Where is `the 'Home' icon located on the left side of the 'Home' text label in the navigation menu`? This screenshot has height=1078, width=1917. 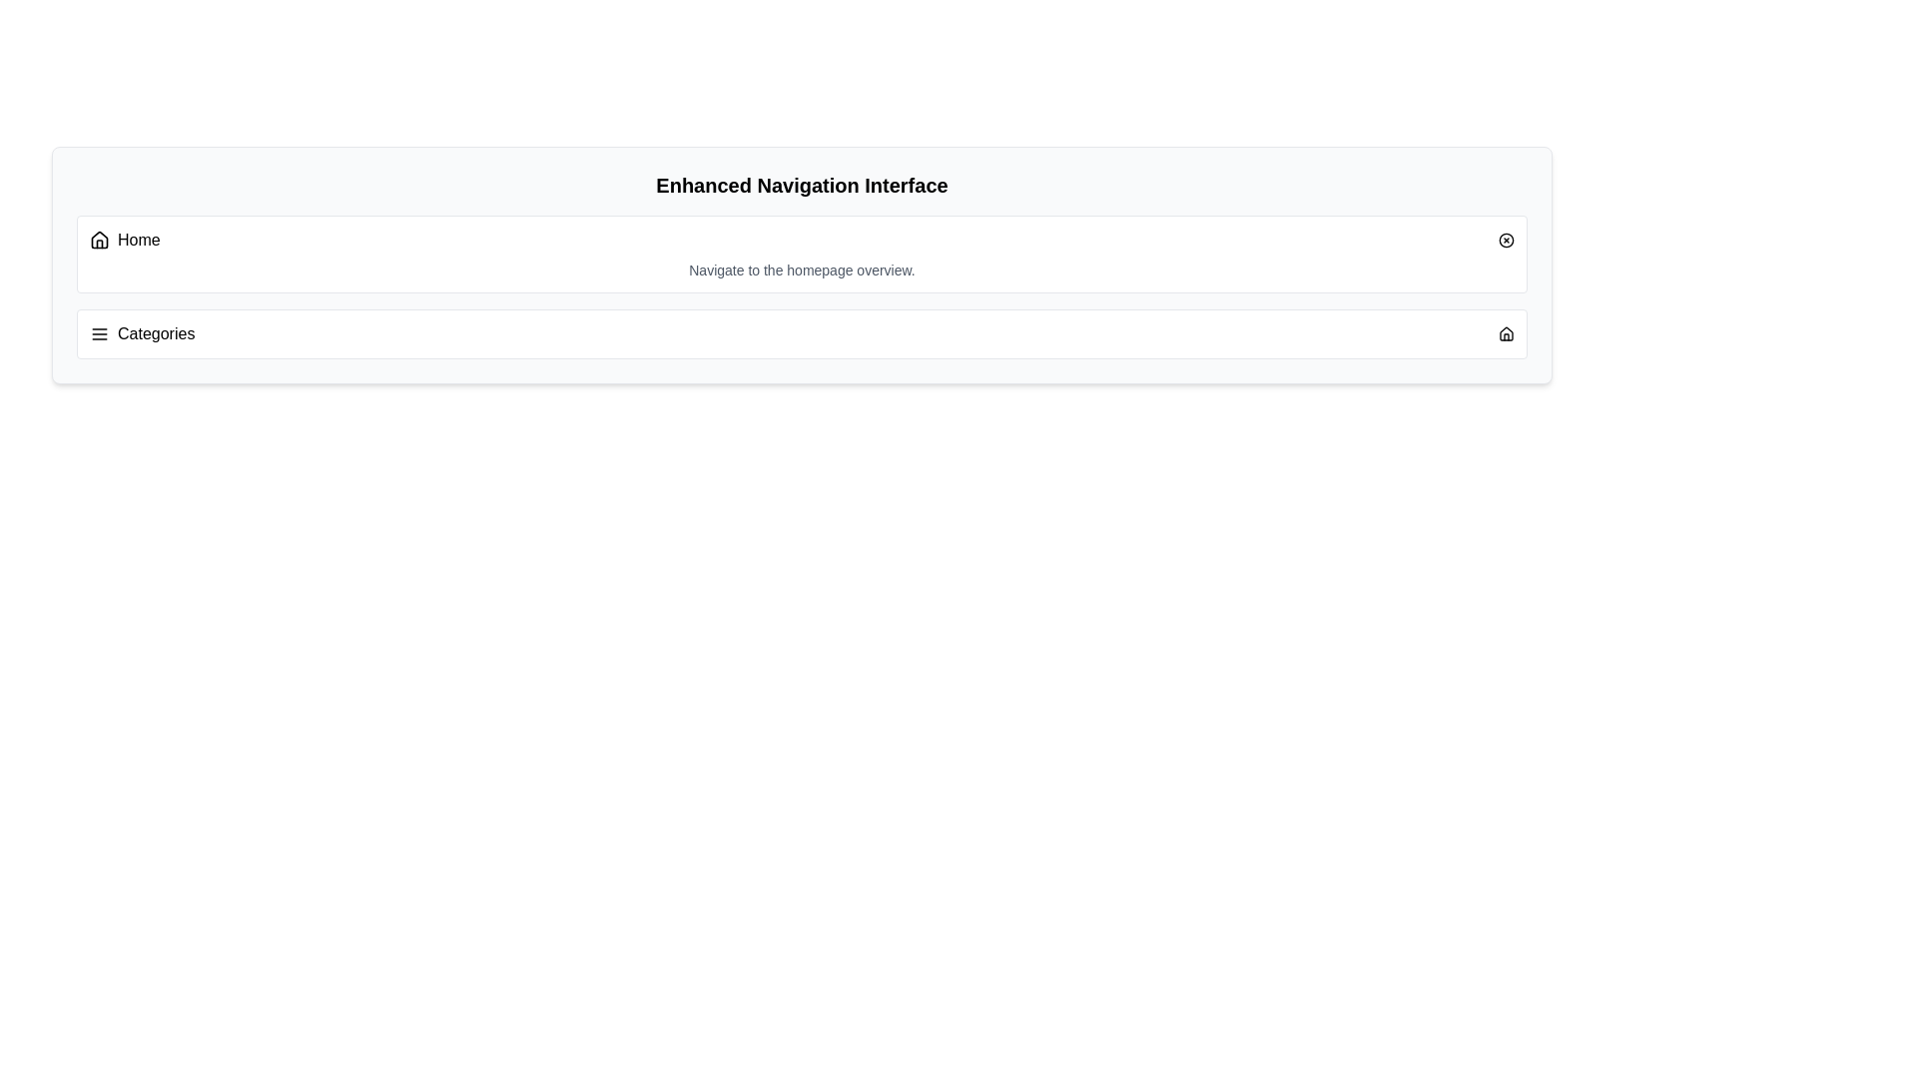
the 'Home' icon located on the left side of the 'Home' text label in the navigation menu is located at coordinates (99, 238).